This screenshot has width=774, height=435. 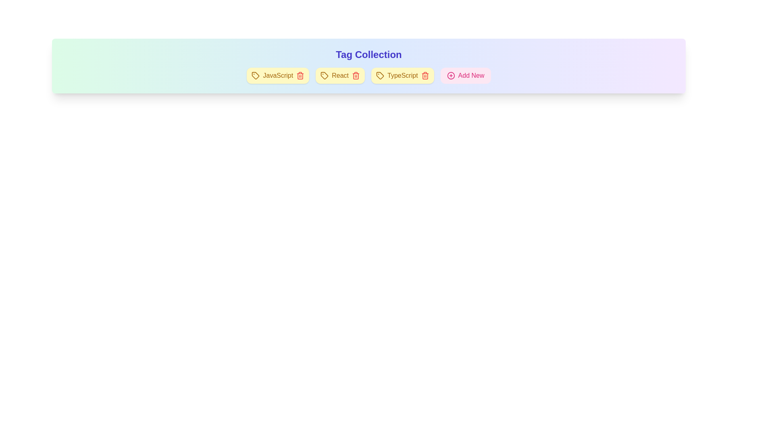 What do you see at coordinates (450, 76) in the screenshot?
I see `the circular plus sign SVG icon within the 'Add New' button located at the far-right end of the tag list to observe interaction effects` at bounding box center [450, 76].